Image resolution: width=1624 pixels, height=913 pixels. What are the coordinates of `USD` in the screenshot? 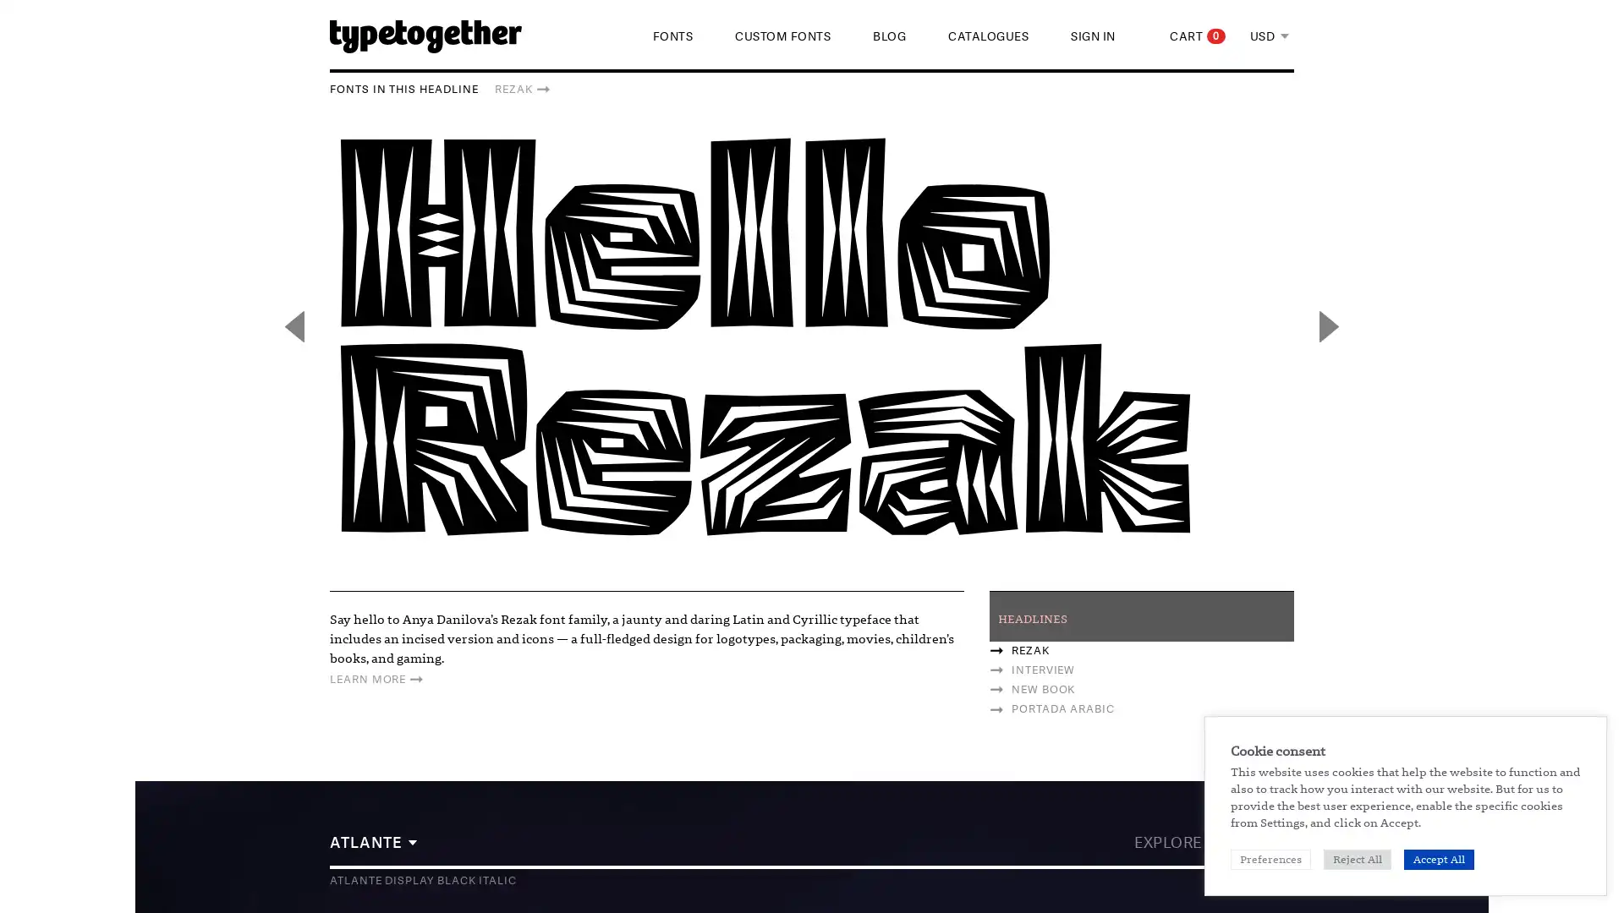 It's located at (1270, 36).